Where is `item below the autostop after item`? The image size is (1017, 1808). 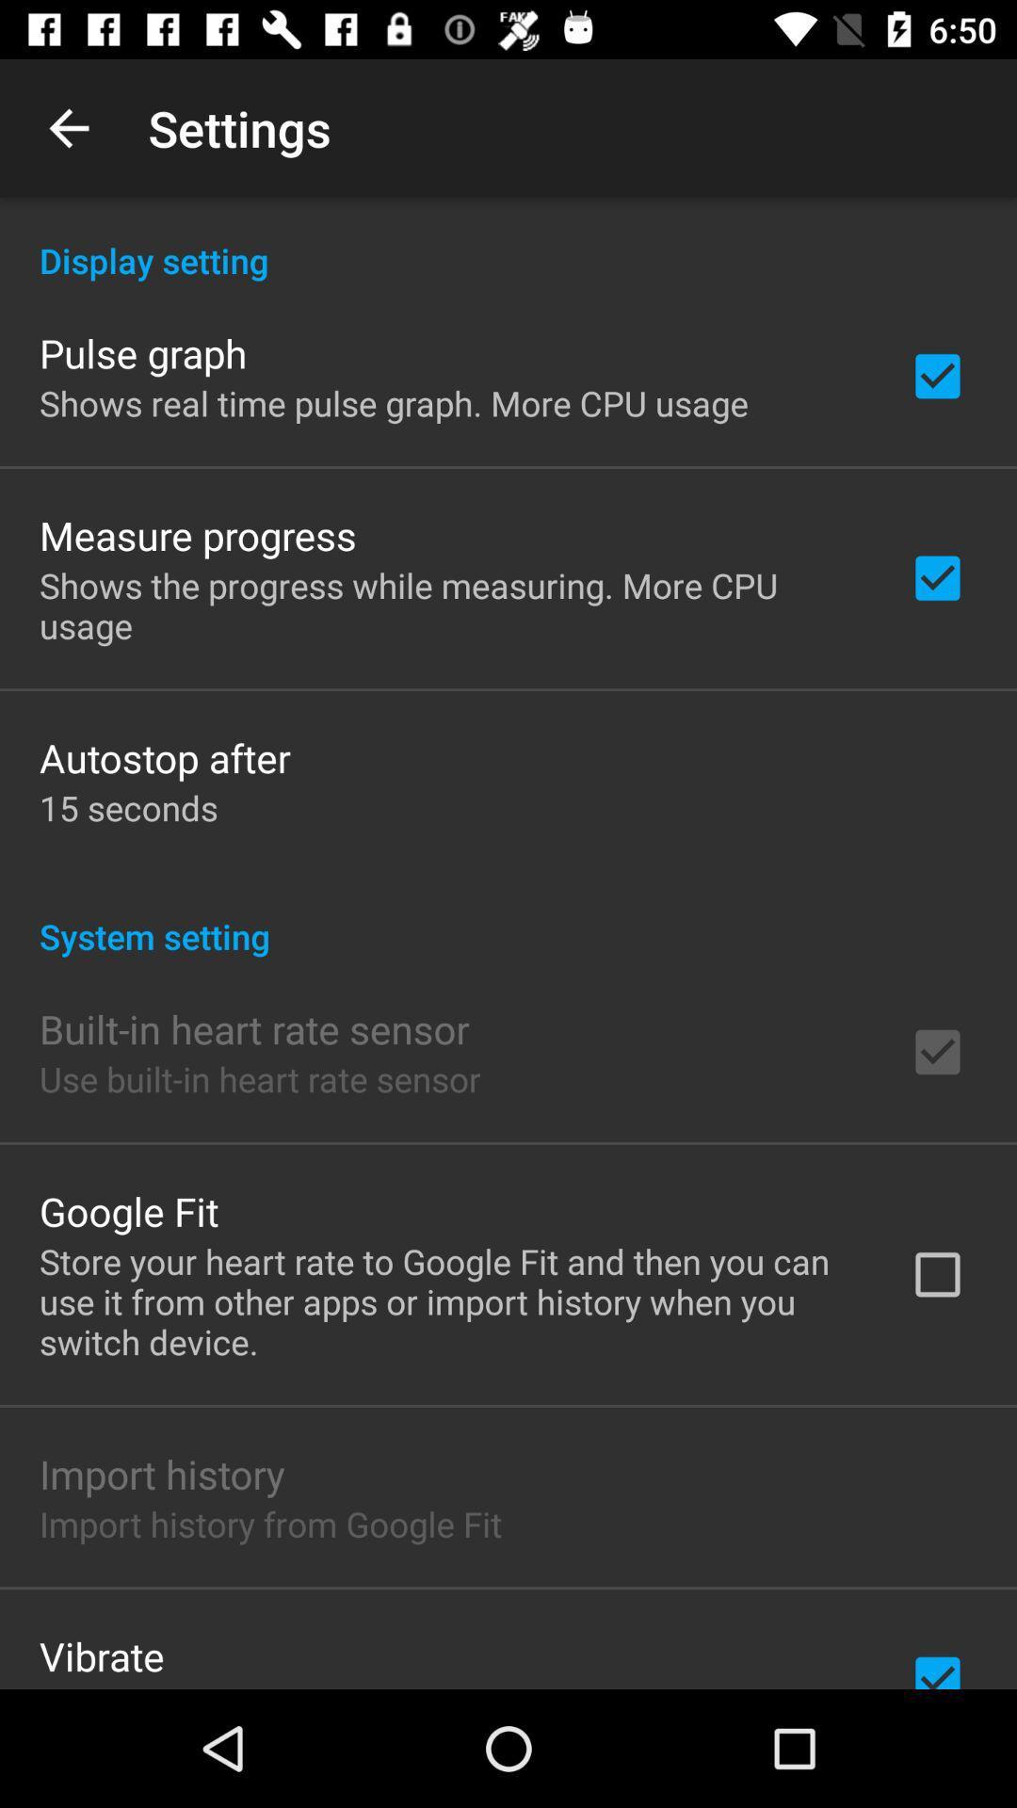
item below the autostop after item is located at coordinates (127, 808).